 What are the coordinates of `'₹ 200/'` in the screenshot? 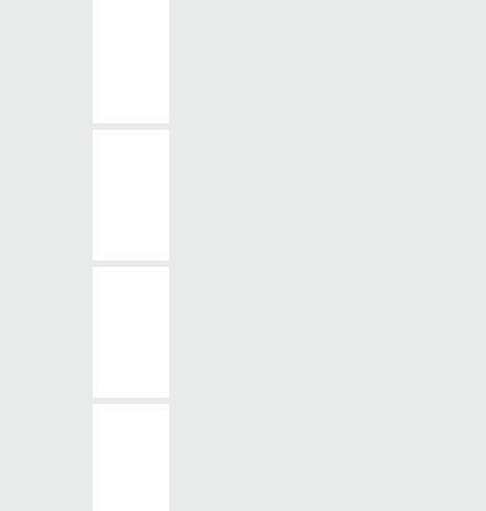 It's located at (242, 199).